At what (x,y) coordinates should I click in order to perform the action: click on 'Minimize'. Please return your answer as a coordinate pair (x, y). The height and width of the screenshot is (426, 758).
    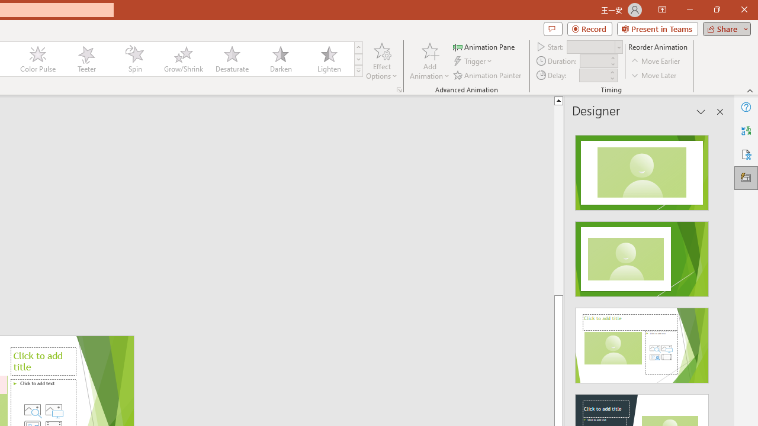
    Looking at the image, I should click on (689, 9).